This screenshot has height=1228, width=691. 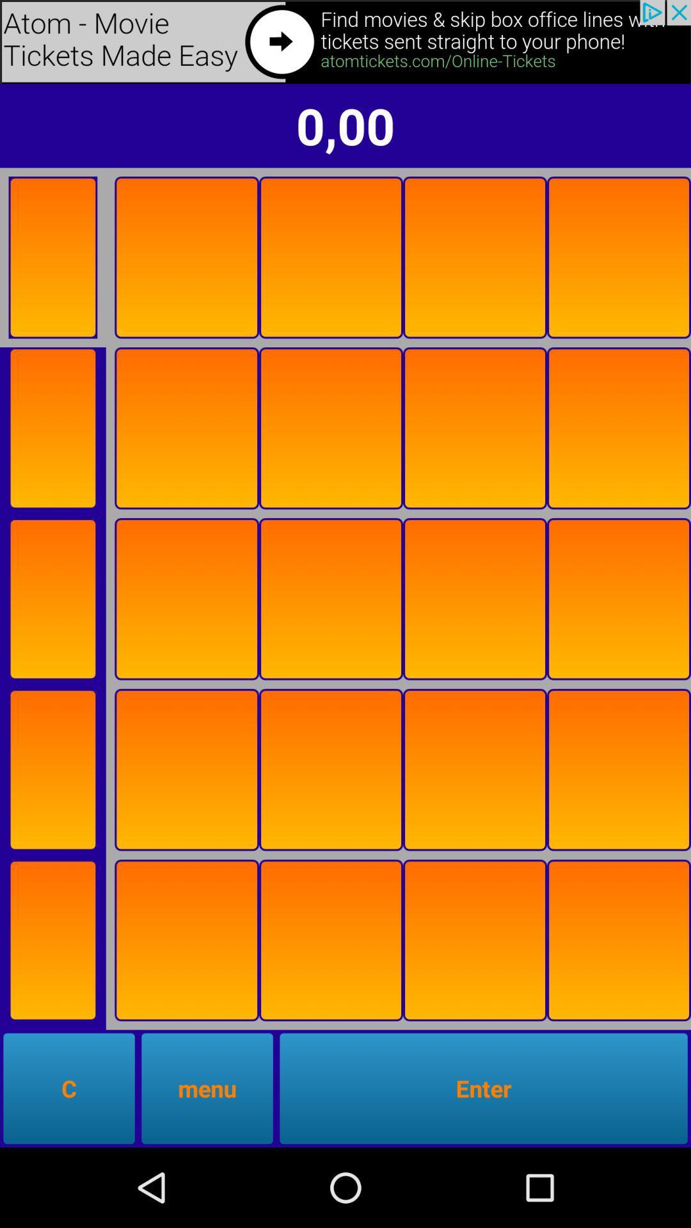 I want to click on flip card, so click(x=618, y=940).